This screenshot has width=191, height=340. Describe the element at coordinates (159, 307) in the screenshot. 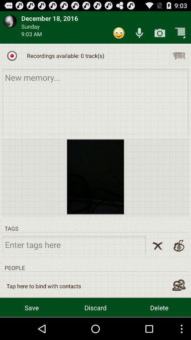

I see `delete button` at that location.